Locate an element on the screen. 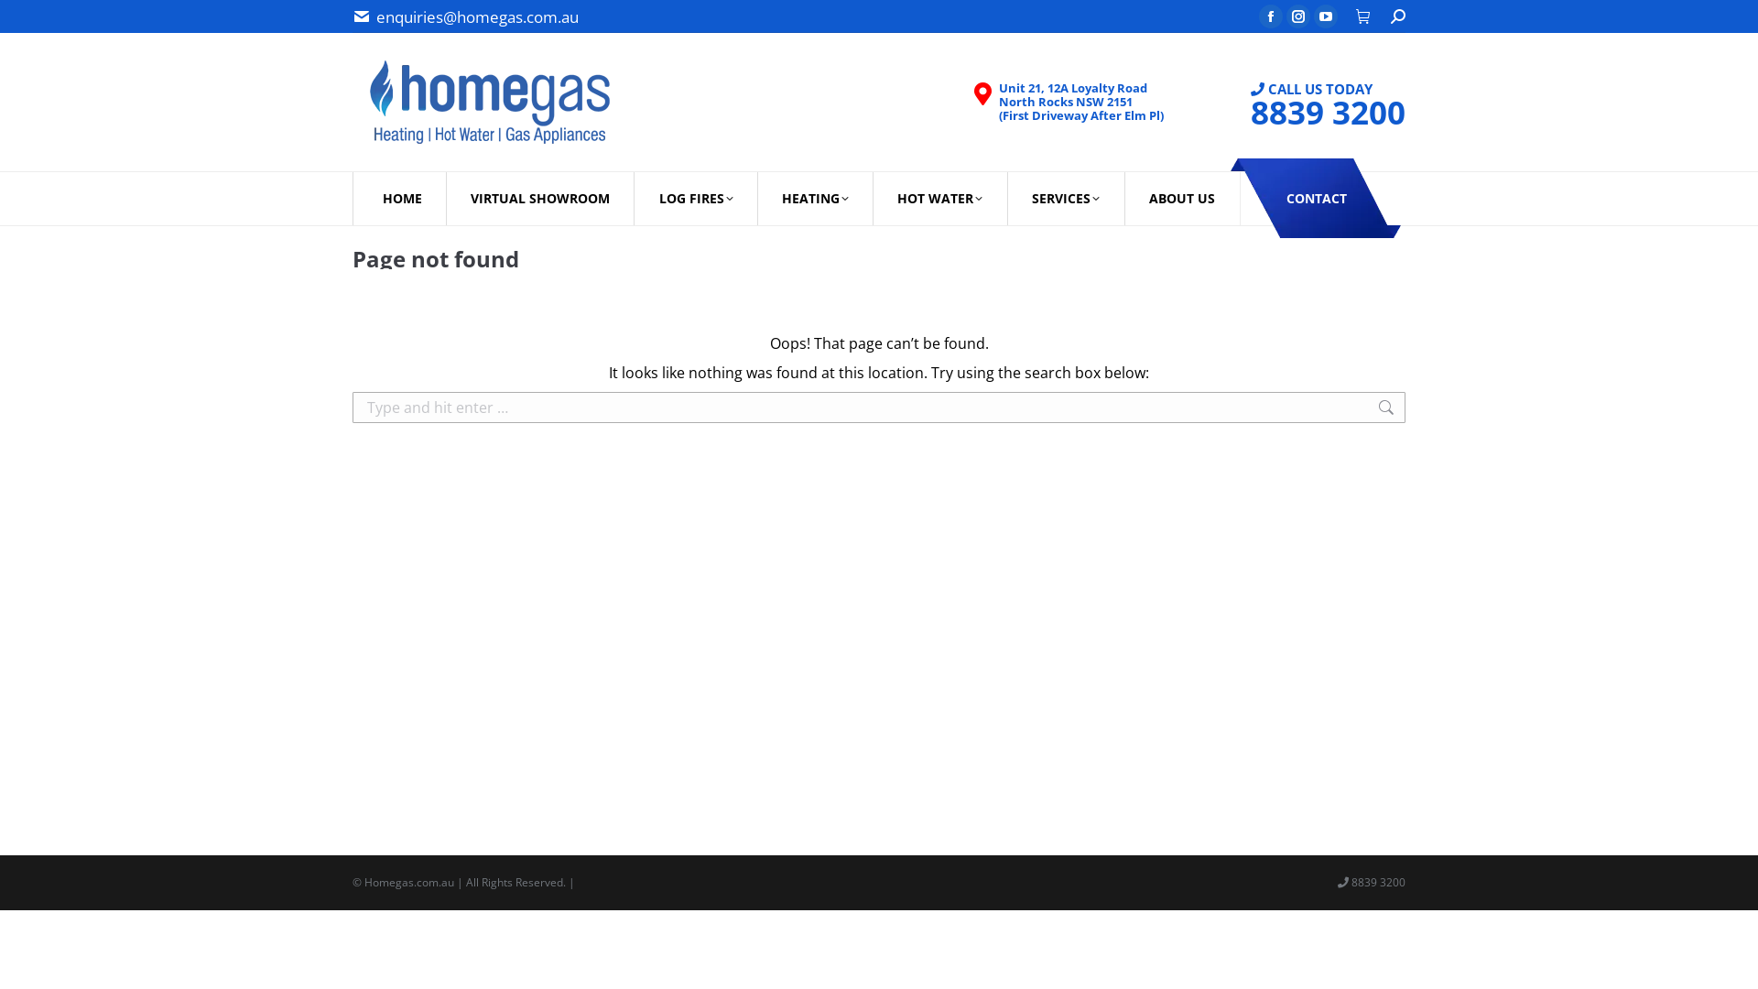 The height and width of the screenshot is (989, 1758). ' ' is located at coordinates (1363, 16).